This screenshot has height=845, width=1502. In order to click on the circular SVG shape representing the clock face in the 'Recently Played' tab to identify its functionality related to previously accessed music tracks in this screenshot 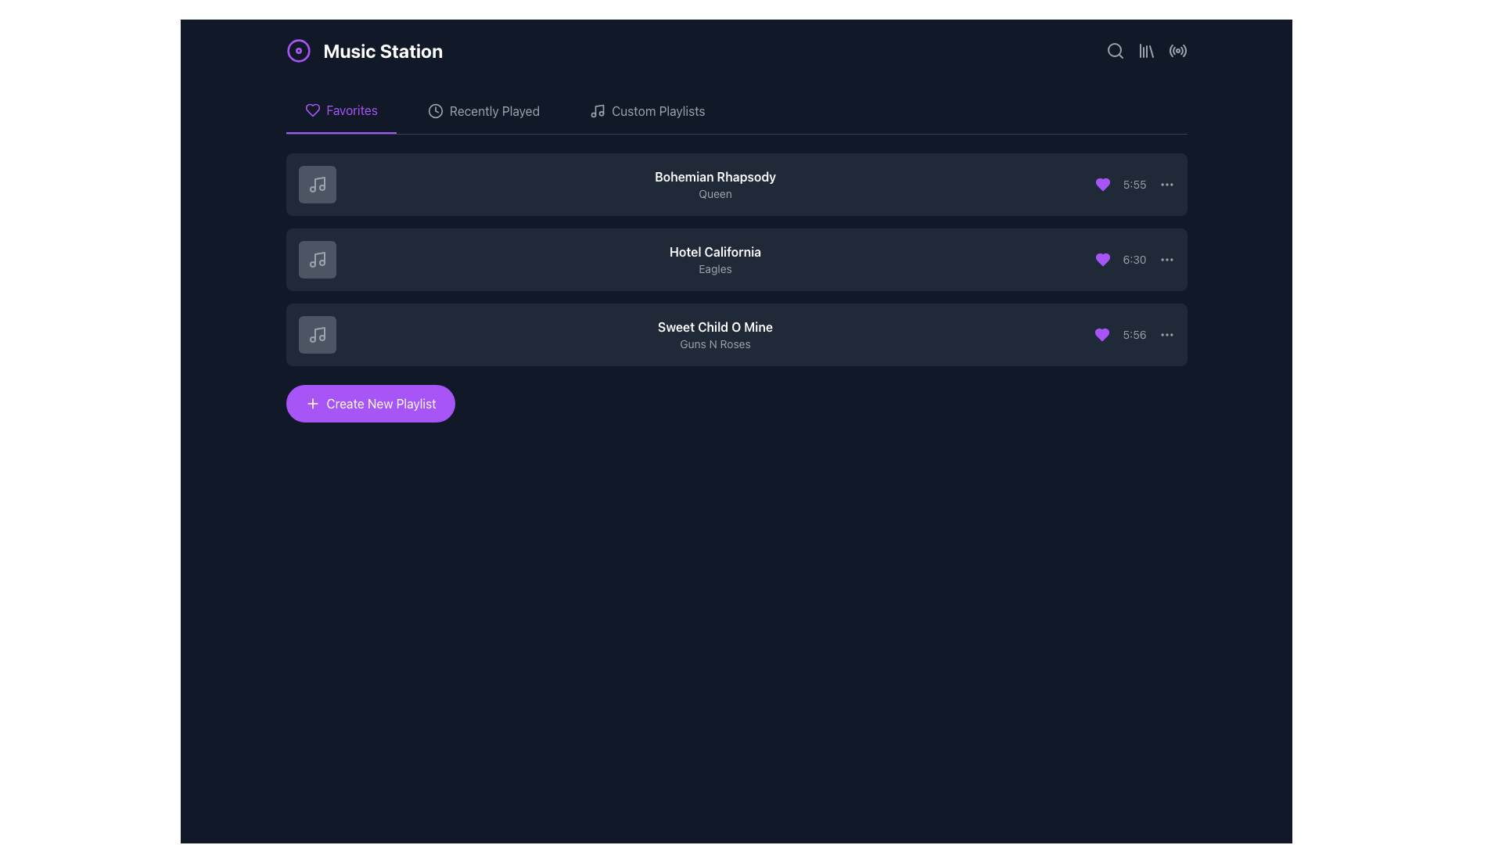, I will do `click(435, 110)`.